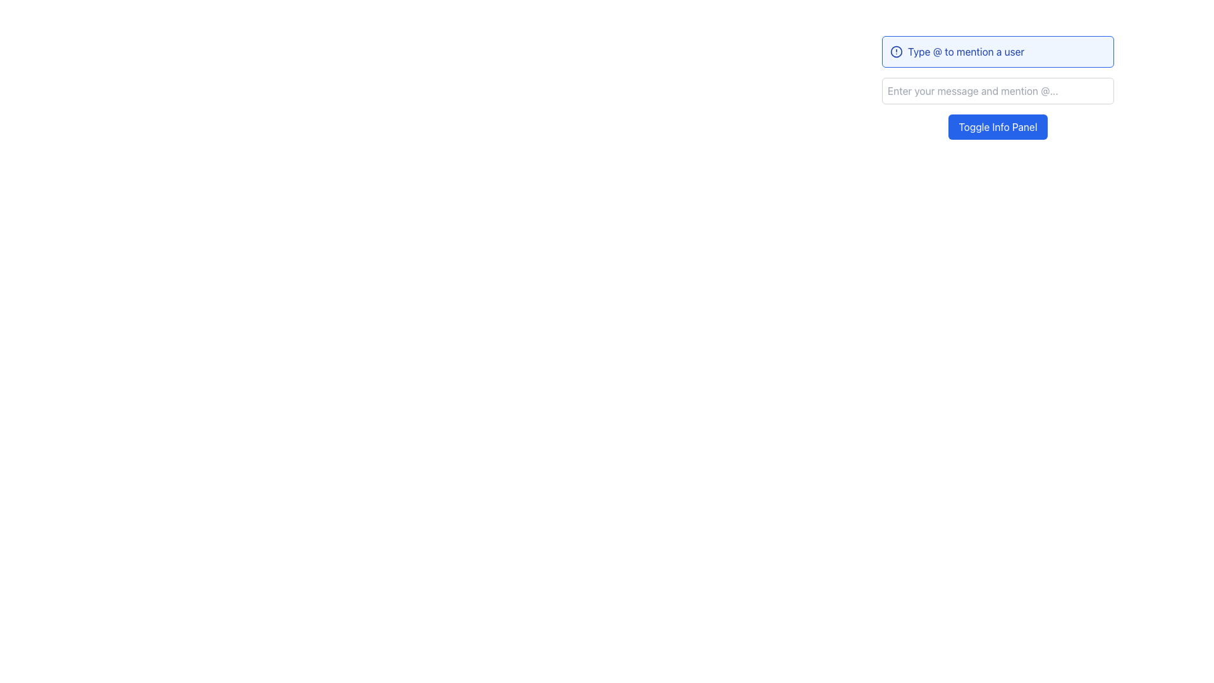 This screenshot has height=683, width=1214. What do you see at coordinates (895, 51) in the screenshot?
I see `the alert icon that visually indicates or draws attention to the message labeled 'Type @ to mention a user.'` at bounding box center [895, 51].